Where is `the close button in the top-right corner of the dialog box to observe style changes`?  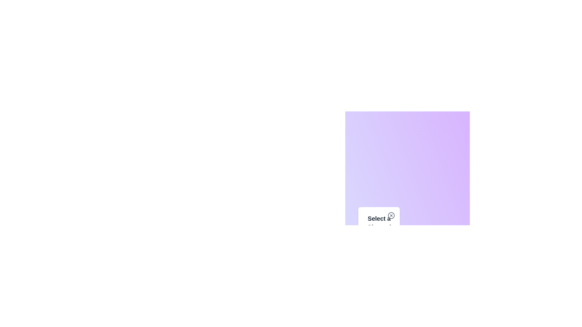
the close button in the top-right corner of the dialog box to observe style changes is located at coordinates (391, 215).